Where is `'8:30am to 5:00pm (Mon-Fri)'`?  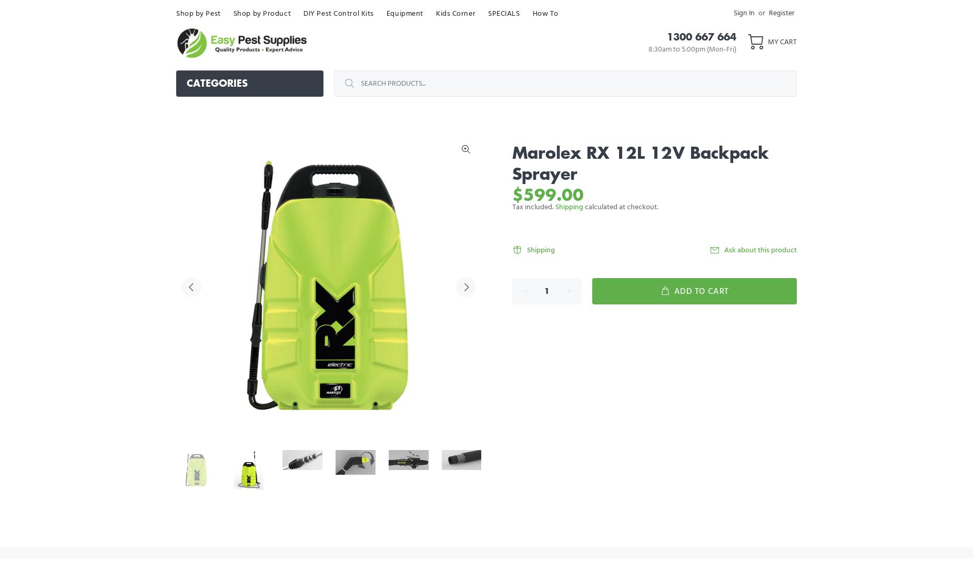
'8:30am to 5:00pm (Mon-Fri)' is located at coordinates (692, 48).